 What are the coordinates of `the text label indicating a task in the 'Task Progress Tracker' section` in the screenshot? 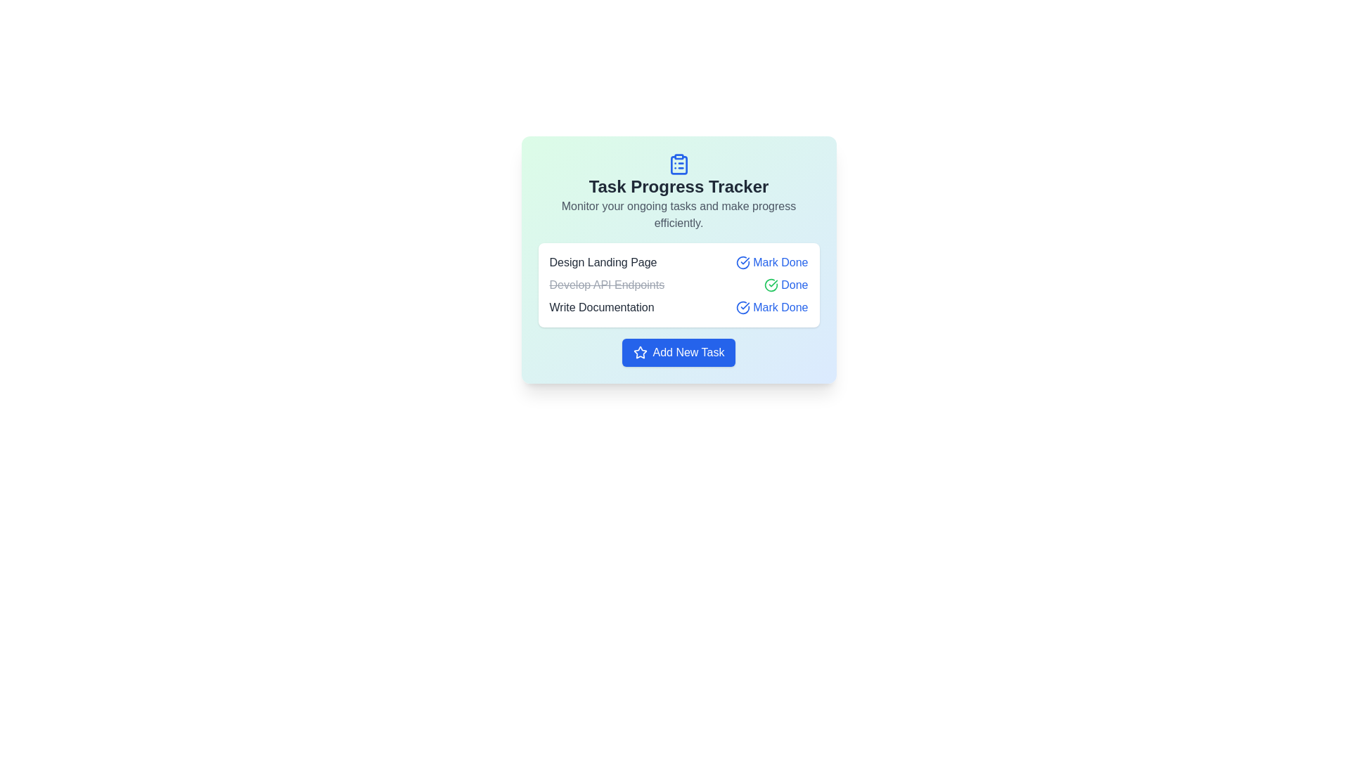 It's located at (602, 307).